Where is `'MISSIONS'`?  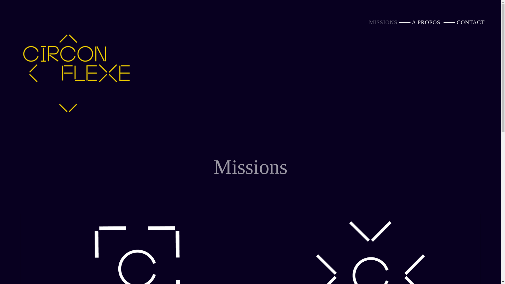
'MISSIONS' is located at coordinates (383, 22).